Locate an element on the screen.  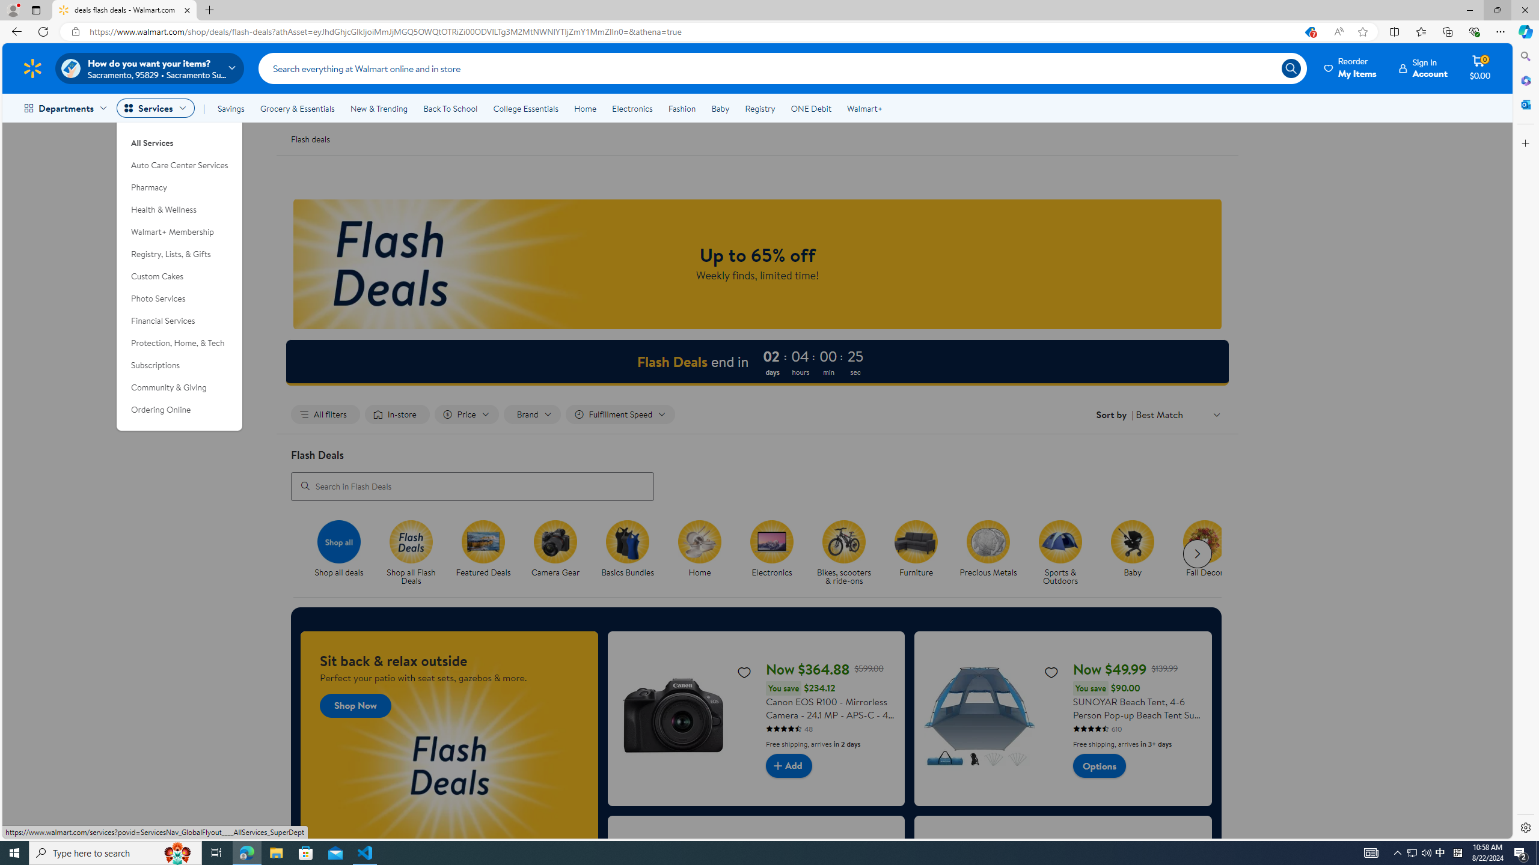
'Baby Baby' is located at coordinates (1132, 549).